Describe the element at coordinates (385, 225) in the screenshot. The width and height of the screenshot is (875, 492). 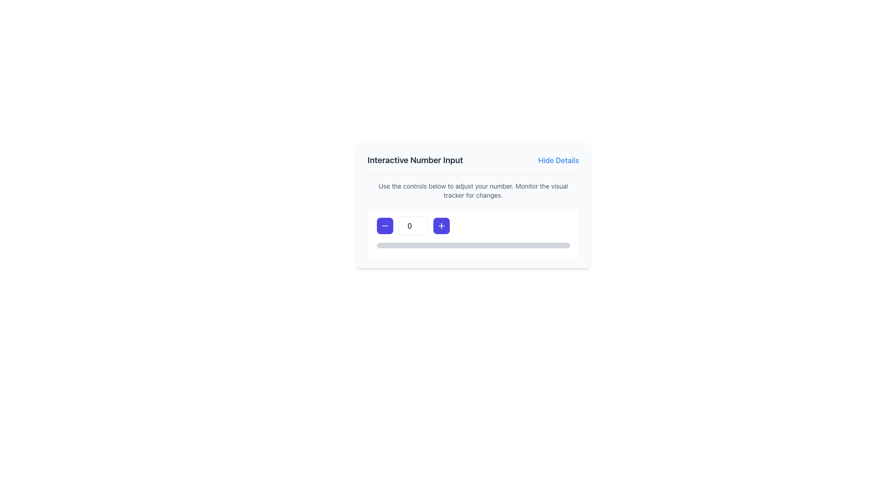
I see `the leftmost square button with a deep indigo background and a white minus icon to decrease the number` at that location.